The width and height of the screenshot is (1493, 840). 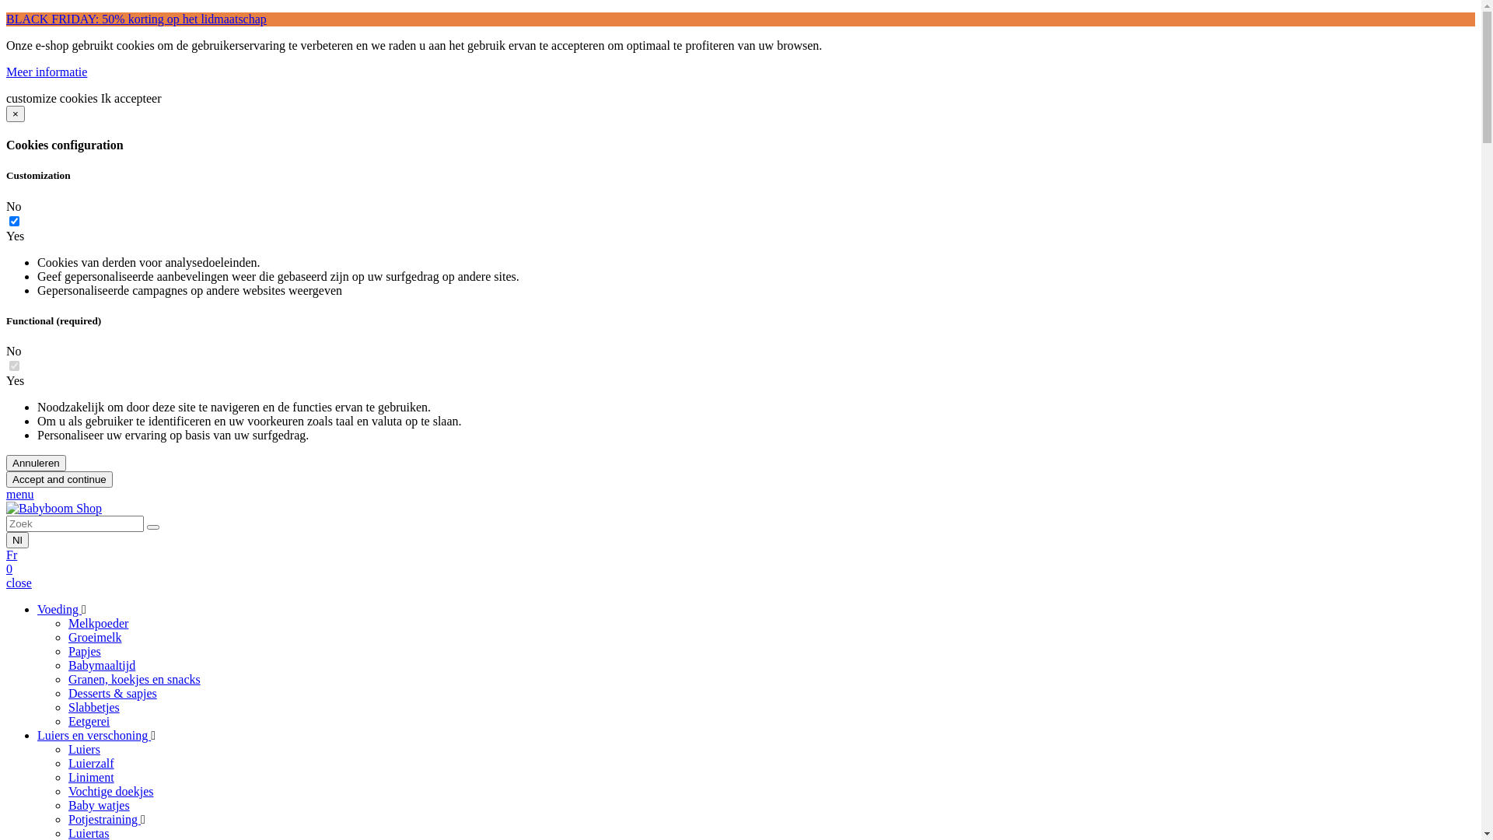 What do you see at coordinates (111, 692) in the screenshot?
I see `'Desserts & sapjes'` at bounding box center [111, 692].